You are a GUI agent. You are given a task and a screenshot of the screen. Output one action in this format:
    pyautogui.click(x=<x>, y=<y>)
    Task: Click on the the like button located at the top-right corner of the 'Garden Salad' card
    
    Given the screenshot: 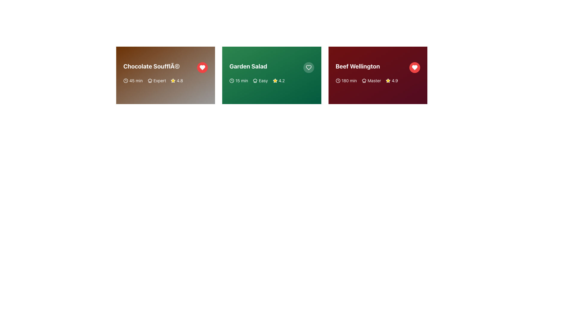 What is the action you would take?
    pyautogui.click(x=308, y=67)
    